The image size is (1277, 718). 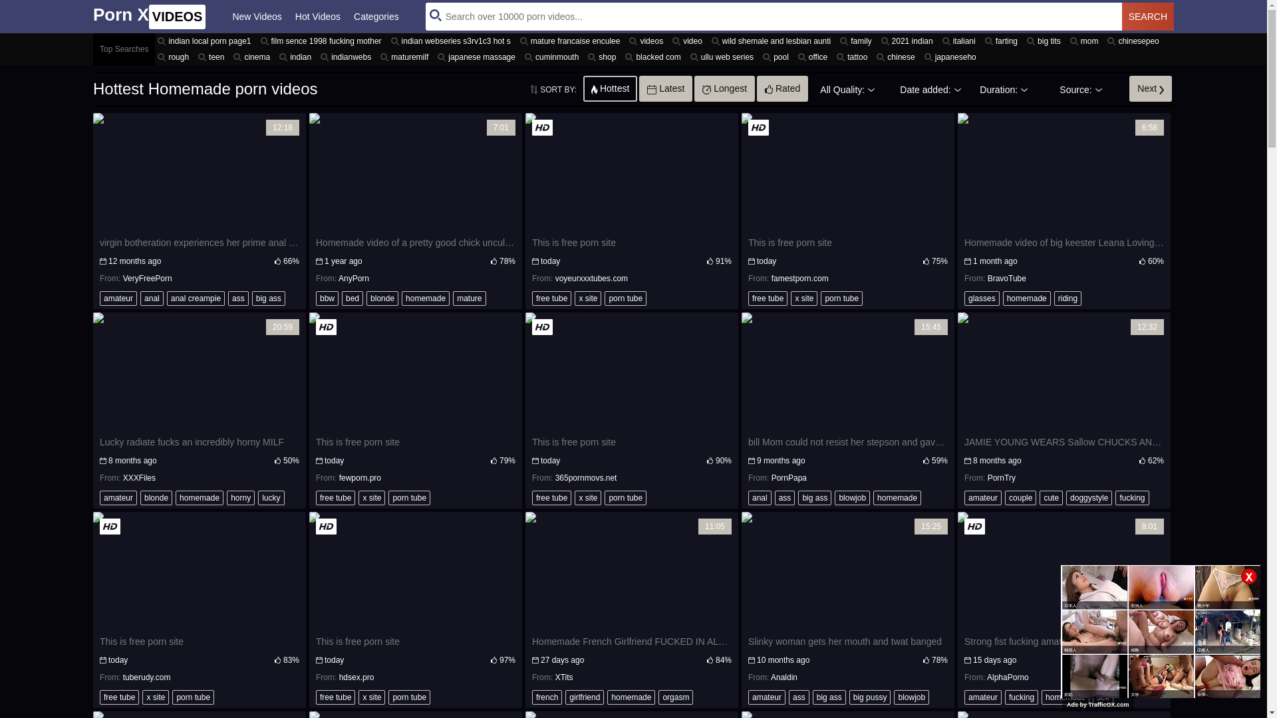 What do you see at coordinates (1149, 88) in the screenshot?
I see `'Next'` at bounding box center [1149, 88].